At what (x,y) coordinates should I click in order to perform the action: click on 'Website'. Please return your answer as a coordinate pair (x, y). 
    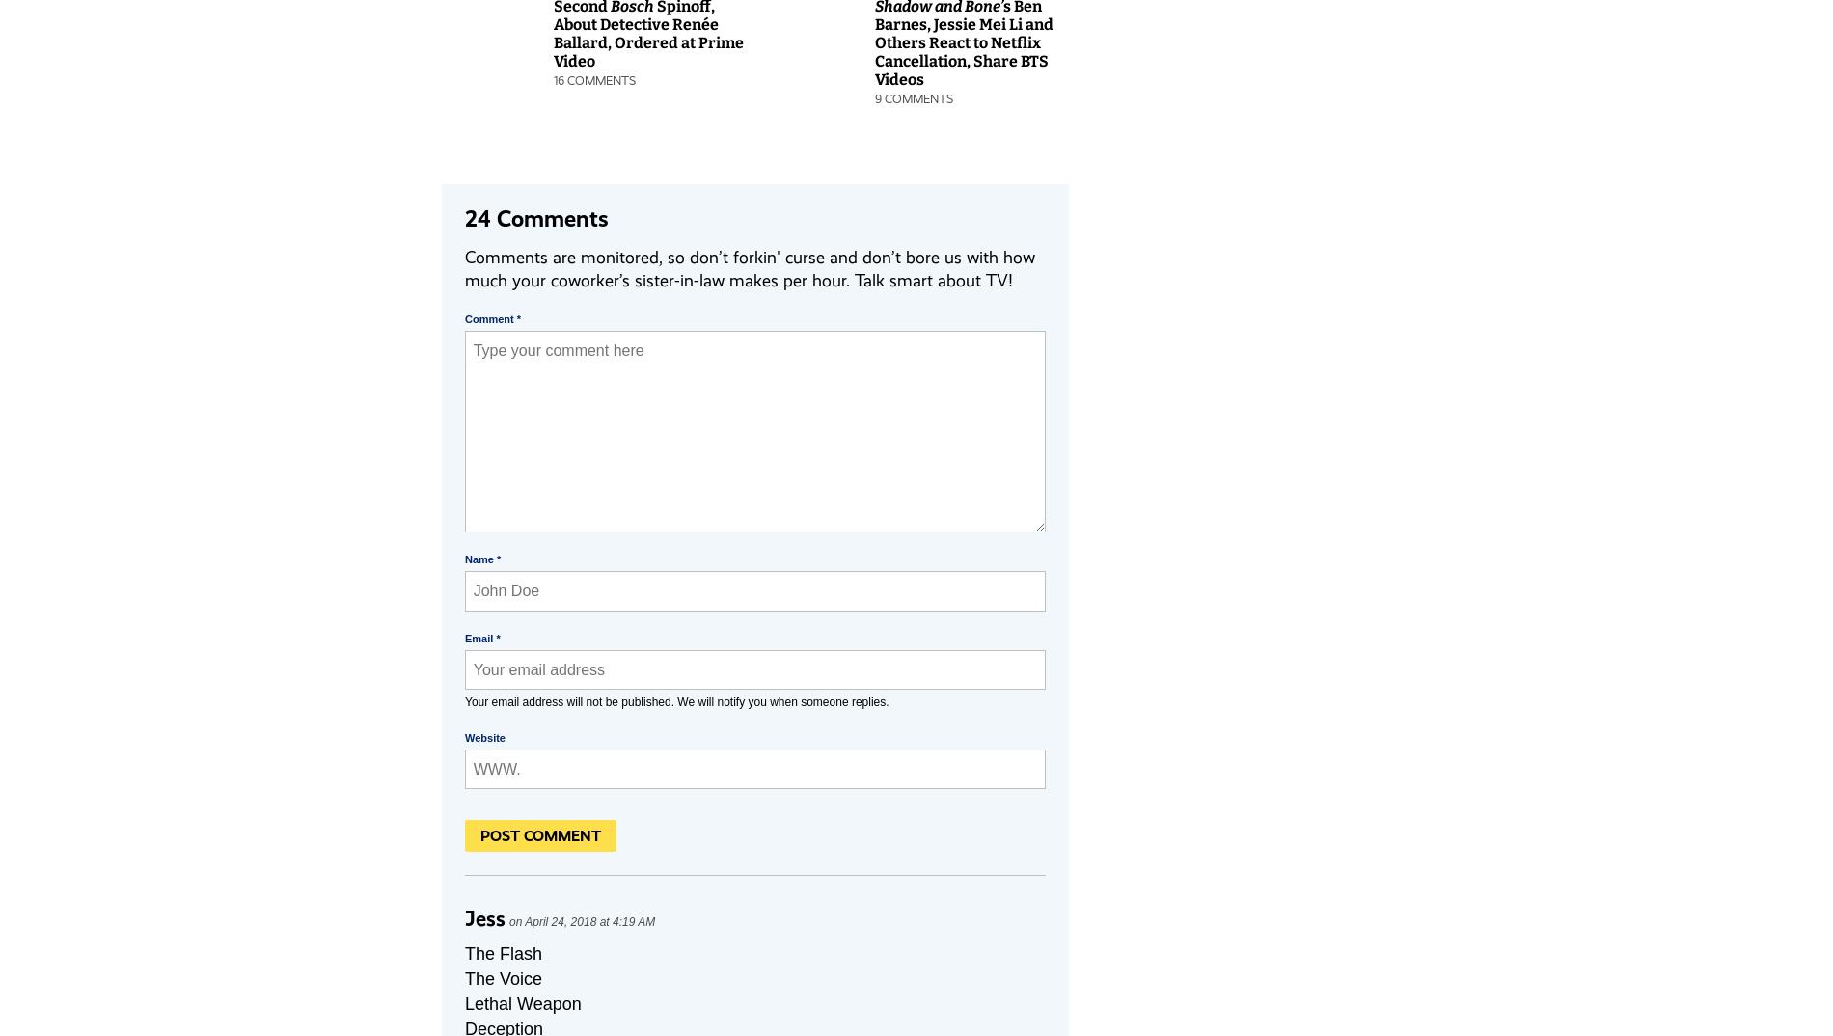
    Looking at the image, I should click on (484, 737).